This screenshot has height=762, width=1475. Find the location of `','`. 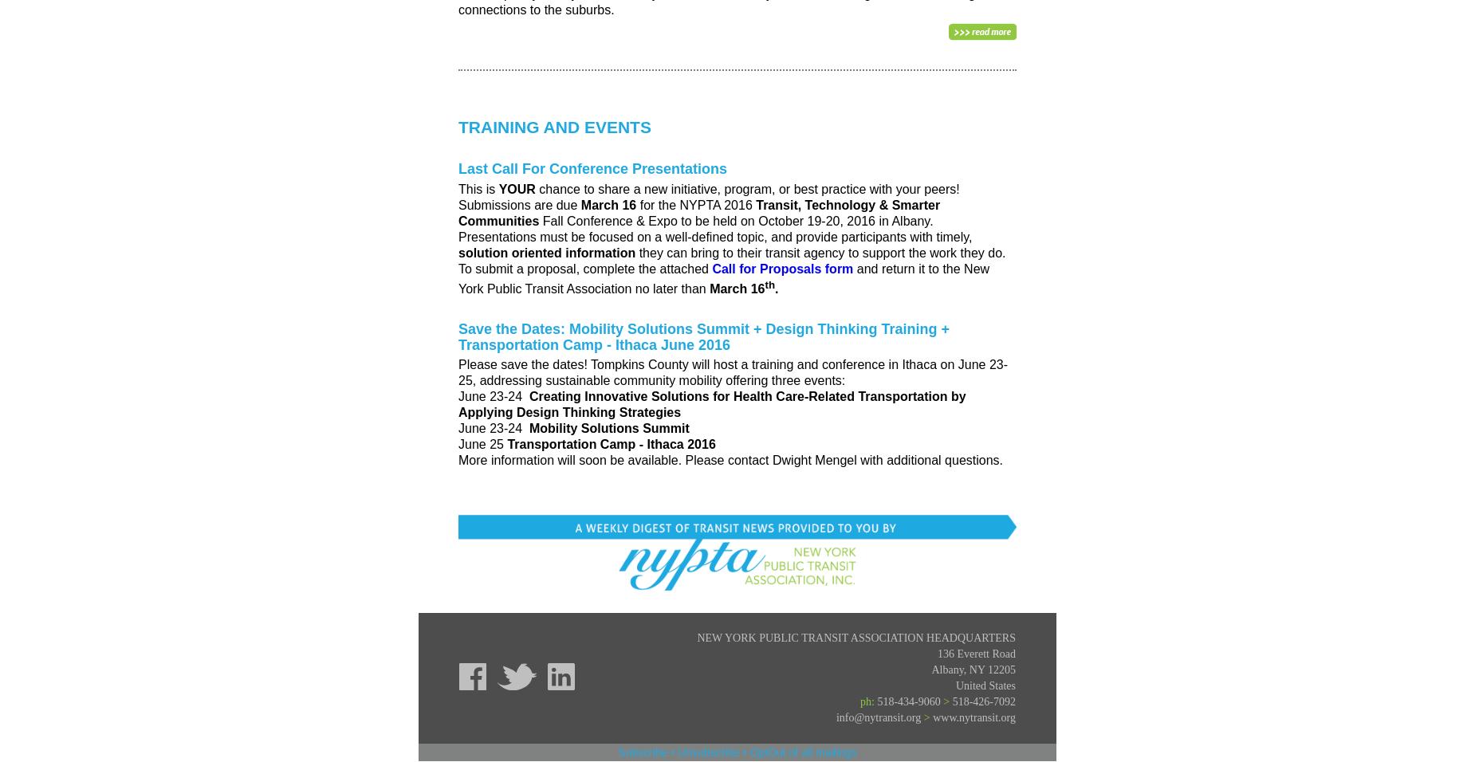

',' is located at coordinates (965, 670).